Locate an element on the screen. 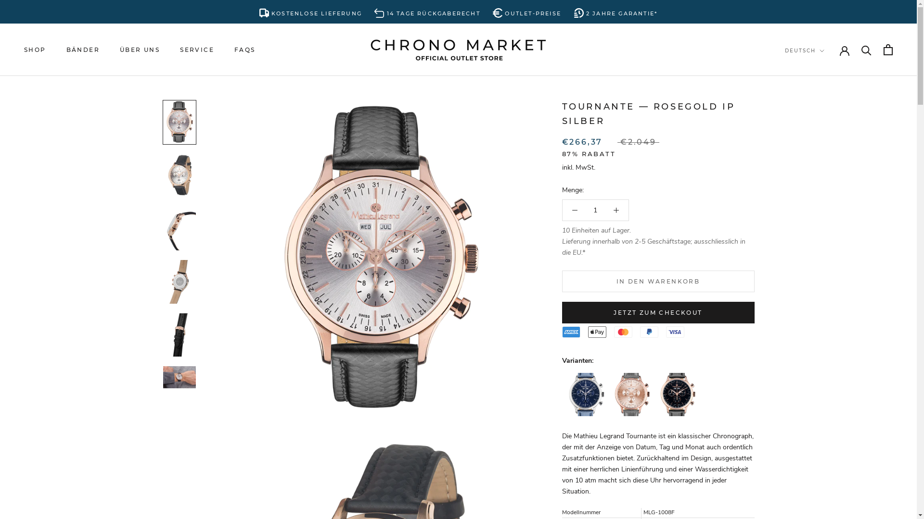 The height and width of the screenshot is (519, 924). 'KOSTENLOSE LIEFERUNG' is located at coordinates (310, 12).